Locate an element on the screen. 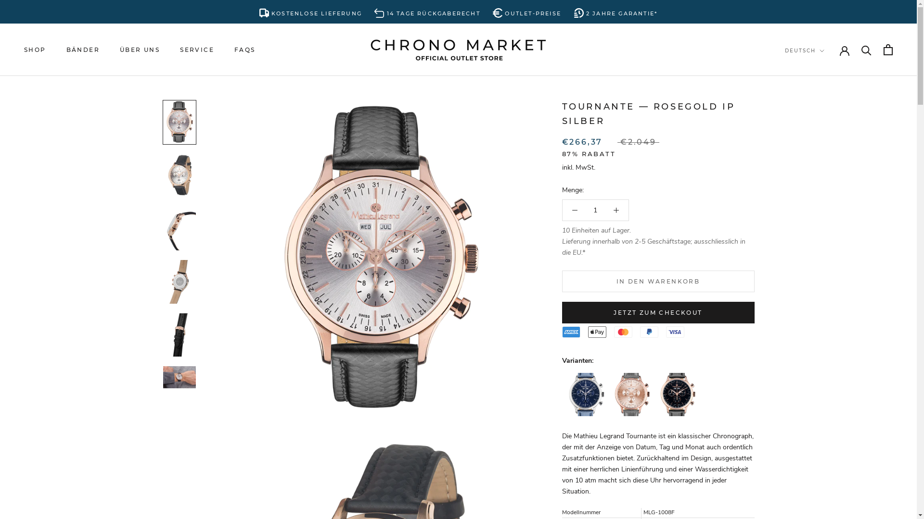 The height and width of the screenshot is (519, 924). 'KOSTENLOSE LIEFERUNG' is located at coordinates (310, 12).